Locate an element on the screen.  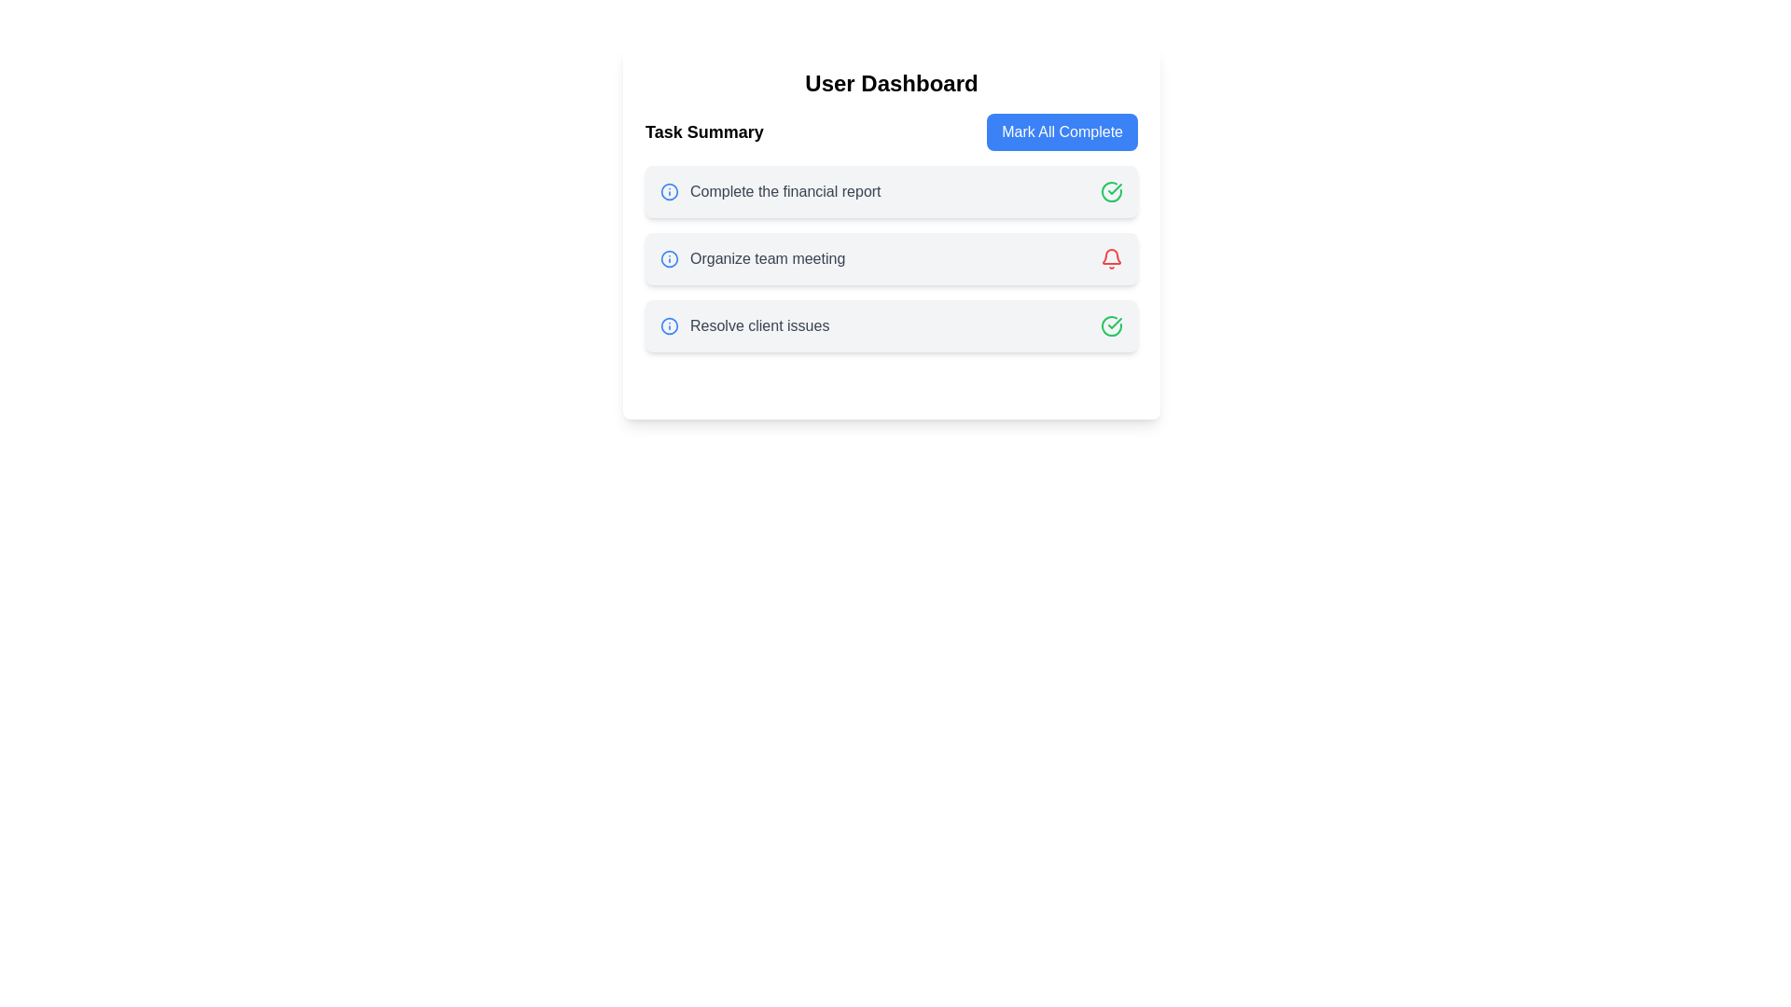
the text label displaying 'Complete the financial report' in the Task Summary section of the user dashboard is located at coordinates (785, 191).